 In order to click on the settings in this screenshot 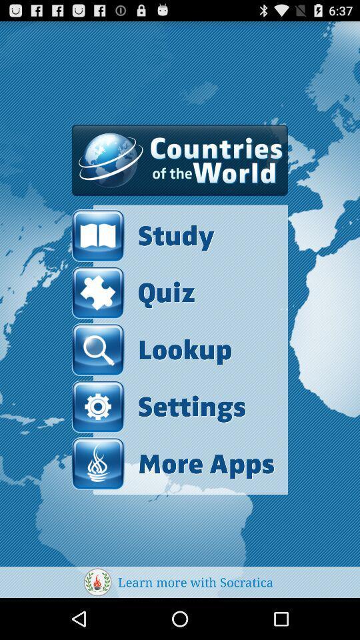, I will do `click(159, 406)`.